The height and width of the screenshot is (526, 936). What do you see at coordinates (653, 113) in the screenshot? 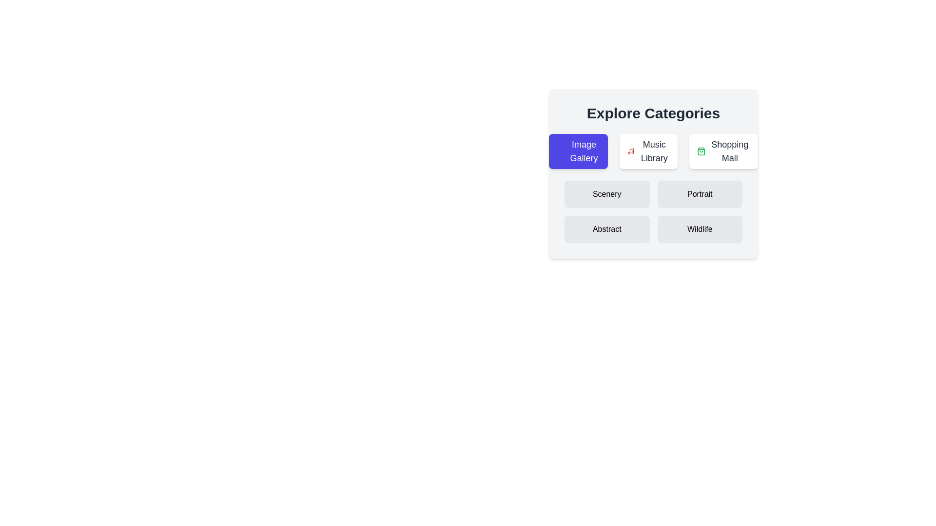
I see `the header text 'Explore Categories', which is prominently styled in large, bold, dark gray text and is centered above the category buttons` at bounding box center [653, 113].